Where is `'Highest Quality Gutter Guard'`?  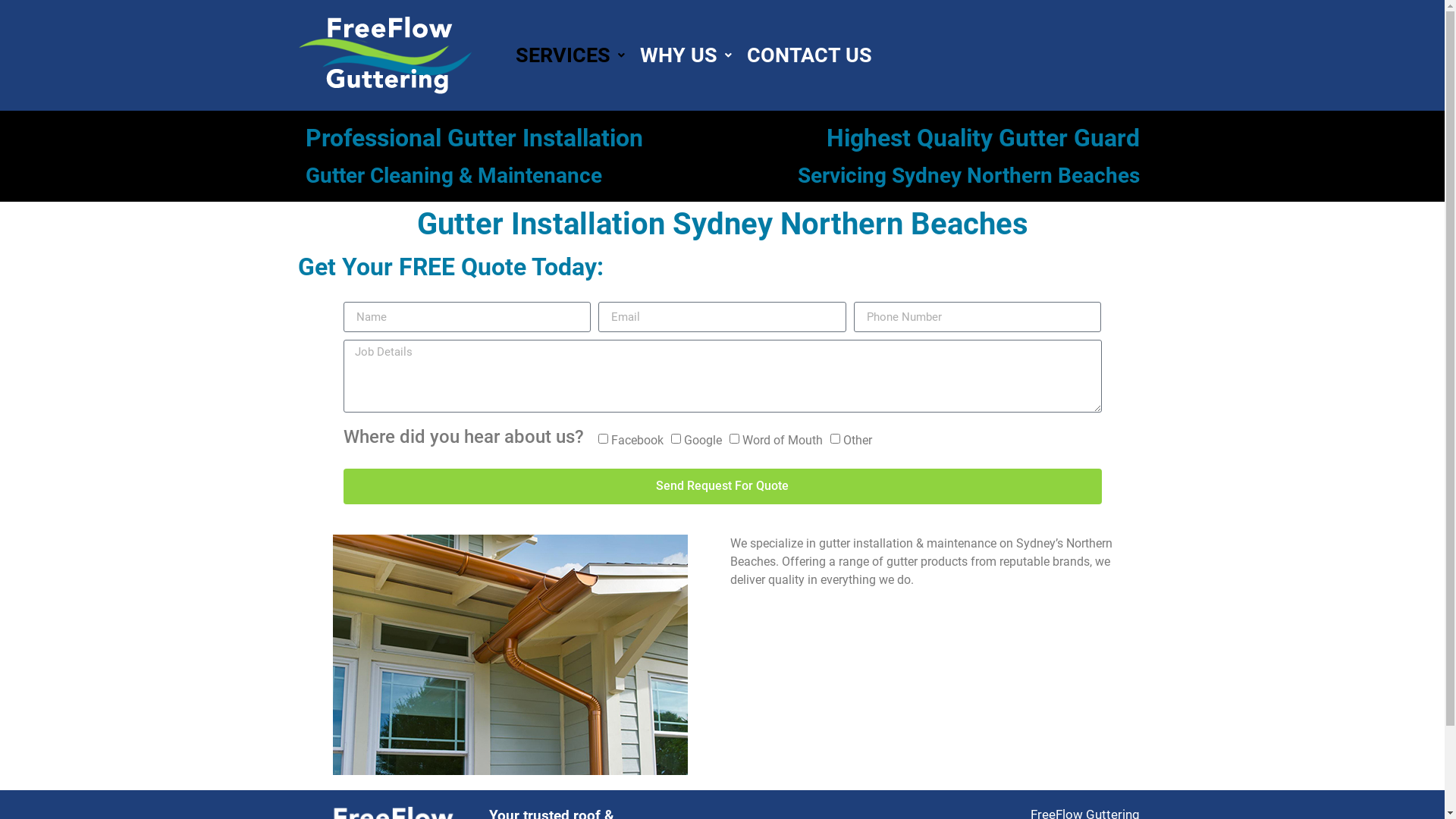 'Highest Quality Gutter Guard' is located at coordinates (983, 137).